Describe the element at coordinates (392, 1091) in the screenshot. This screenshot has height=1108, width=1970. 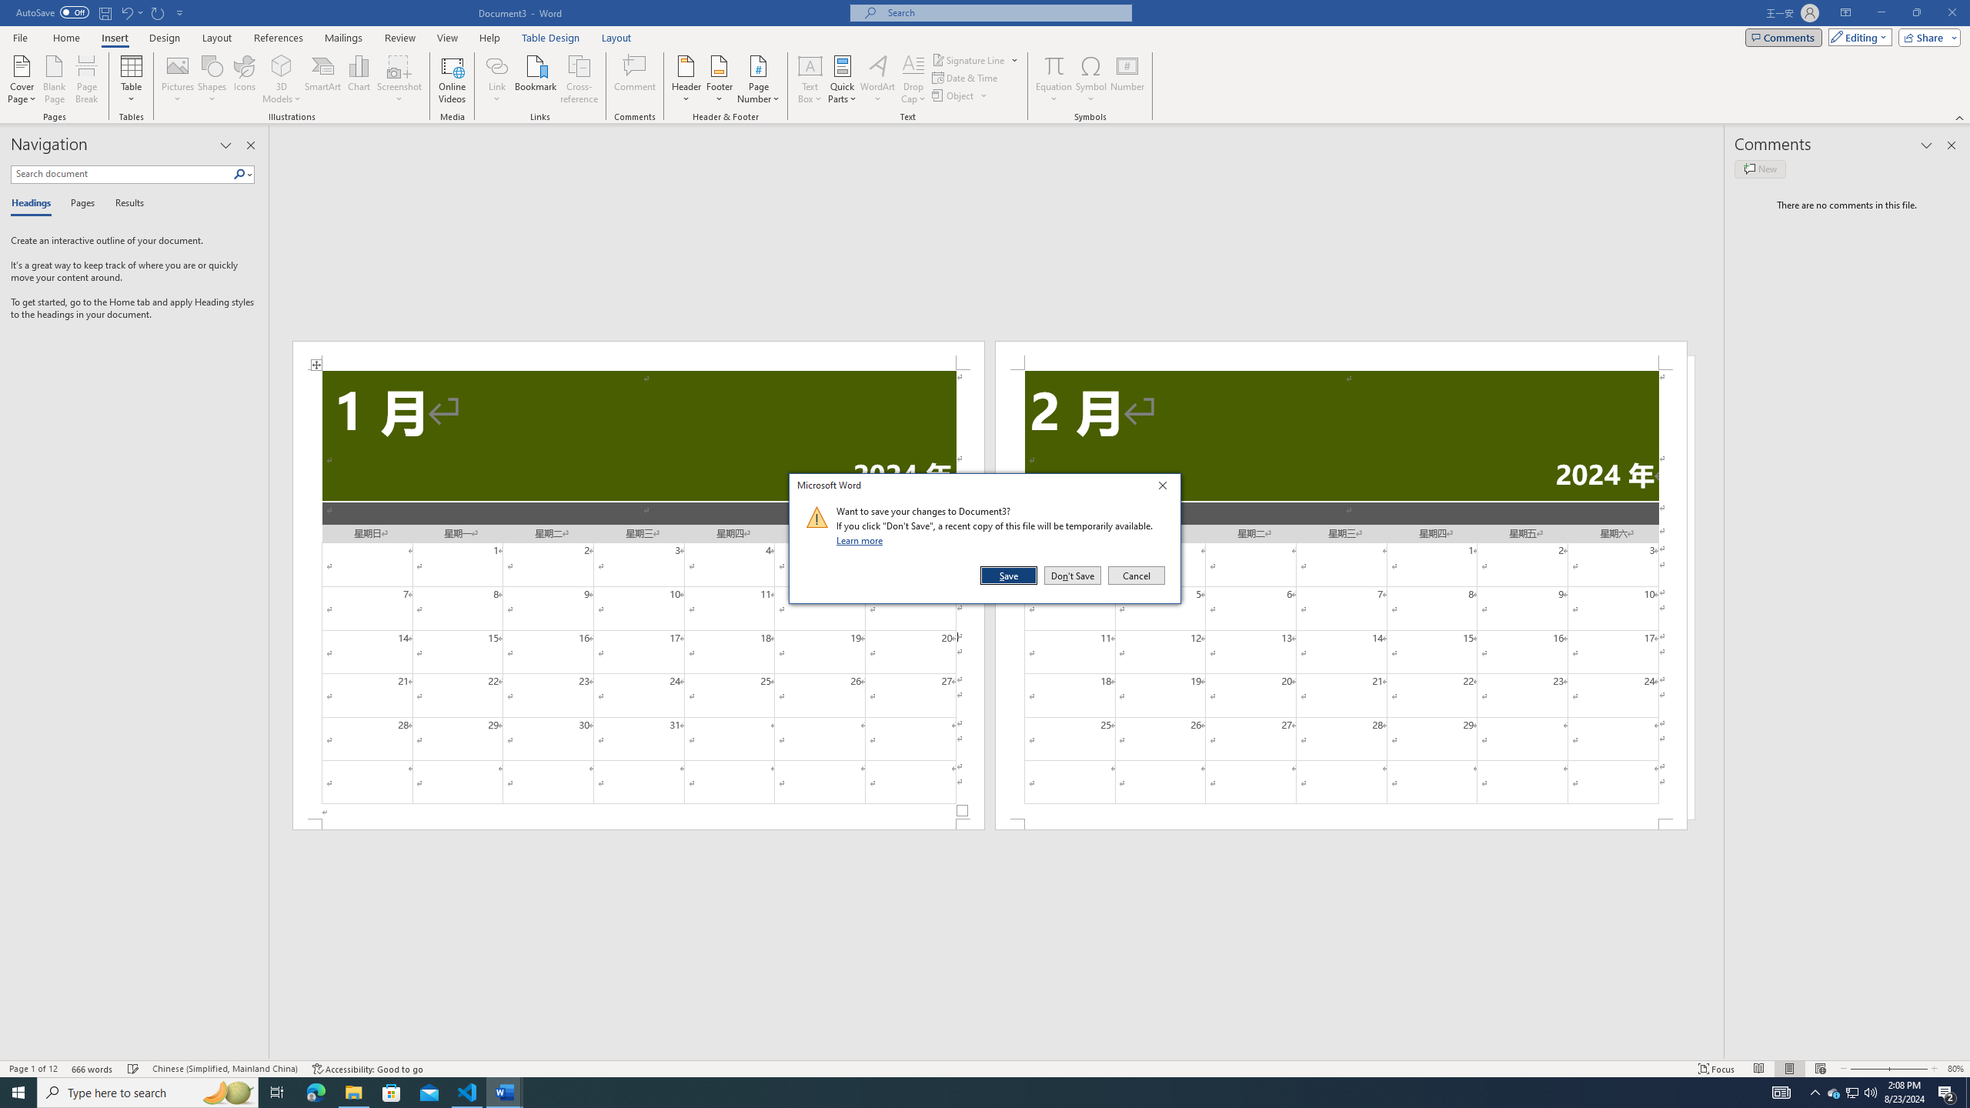
I see `'Microsoft Store'` at that location.